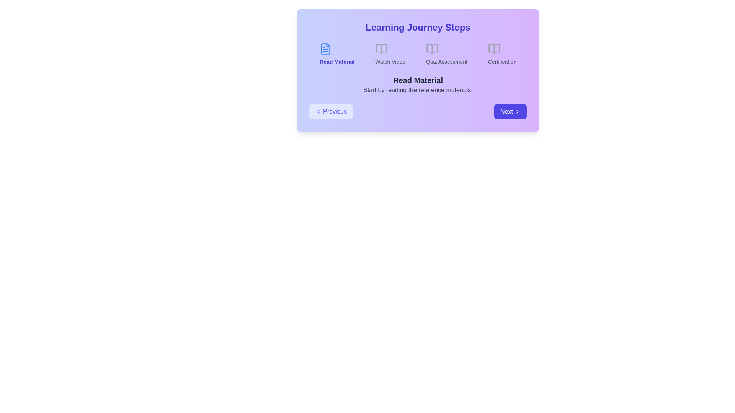 This screenshot has width=735, height=413. I want to click on the text label displaying the word 'Certification', which is styled in a smaller gray font and is positioned under an icon resembling an open book, as the fourth element in a horizontal row of items representing steps, so click(502, 62).